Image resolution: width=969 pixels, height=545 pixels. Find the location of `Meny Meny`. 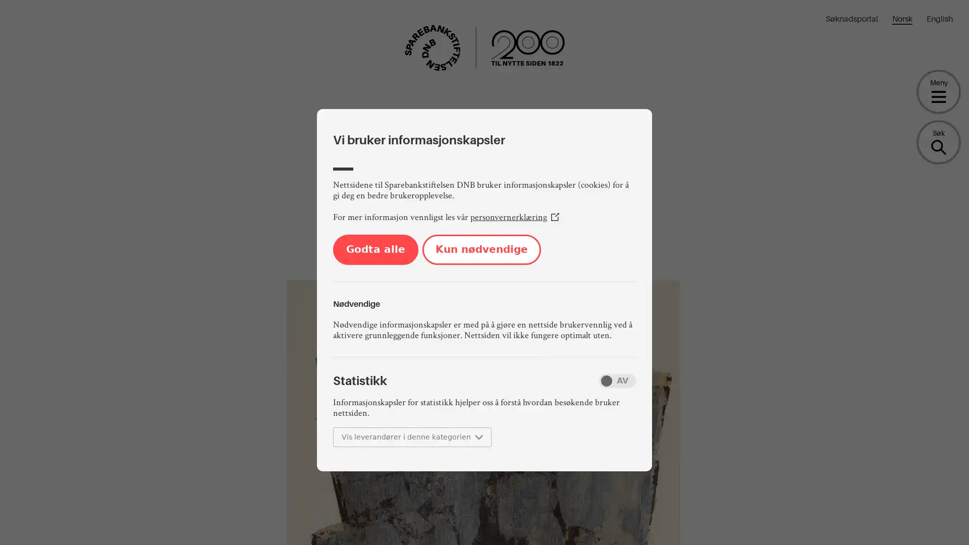

Meny Meny is located at coordinates (938, 91).